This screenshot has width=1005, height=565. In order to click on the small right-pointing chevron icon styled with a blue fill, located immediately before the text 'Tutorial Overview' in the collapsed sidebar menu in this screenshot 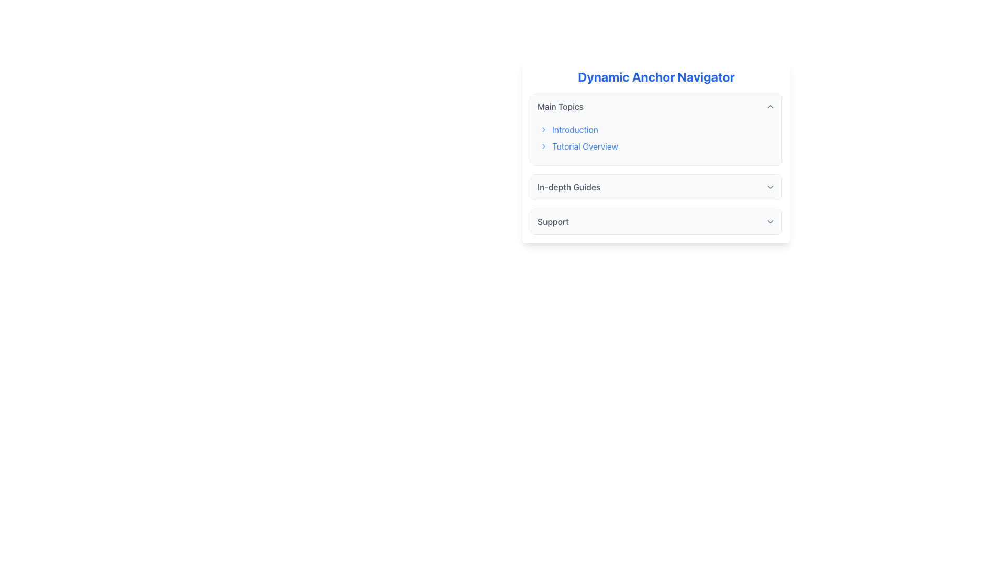, I will do `click(543, 146)`.